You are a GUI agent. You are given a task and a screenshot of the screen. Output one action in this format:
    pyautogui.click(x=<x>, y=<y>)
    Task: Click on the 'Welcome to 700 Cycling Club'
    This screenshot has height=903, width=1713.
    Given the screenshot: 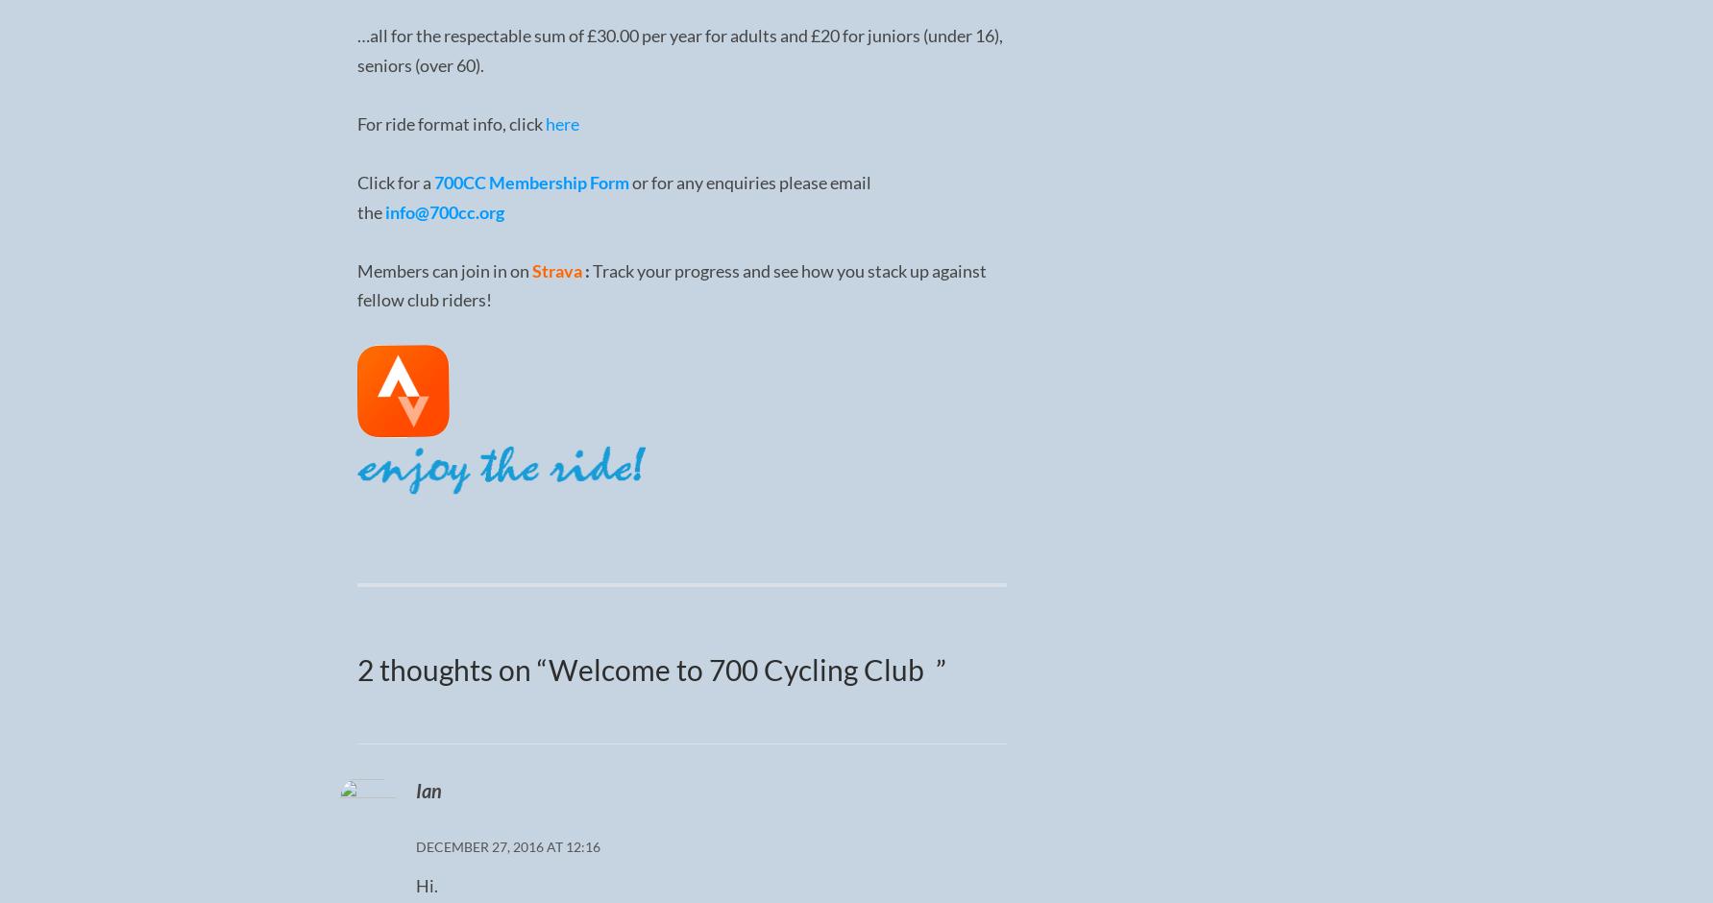 What is the action you would take?
    pyautogui.click(x=740, y=667)
    